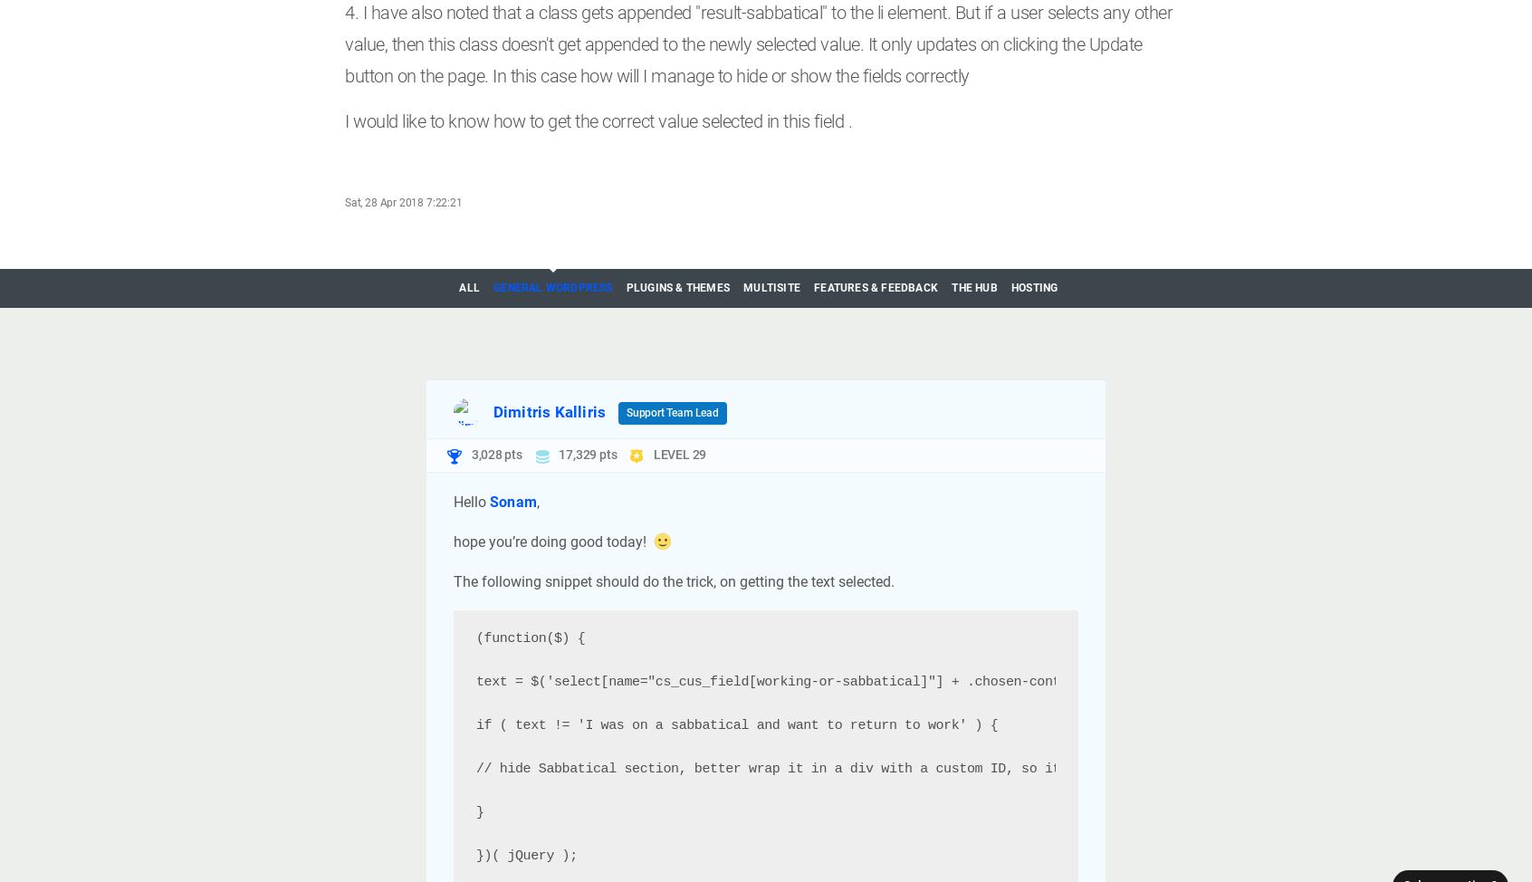 This screenshot has height=882, width=1532. Describe the element at coordinates (454, 580) in the screenshot. I see `'The following snippet should do the trick, on getting the text selected.'` at that location.